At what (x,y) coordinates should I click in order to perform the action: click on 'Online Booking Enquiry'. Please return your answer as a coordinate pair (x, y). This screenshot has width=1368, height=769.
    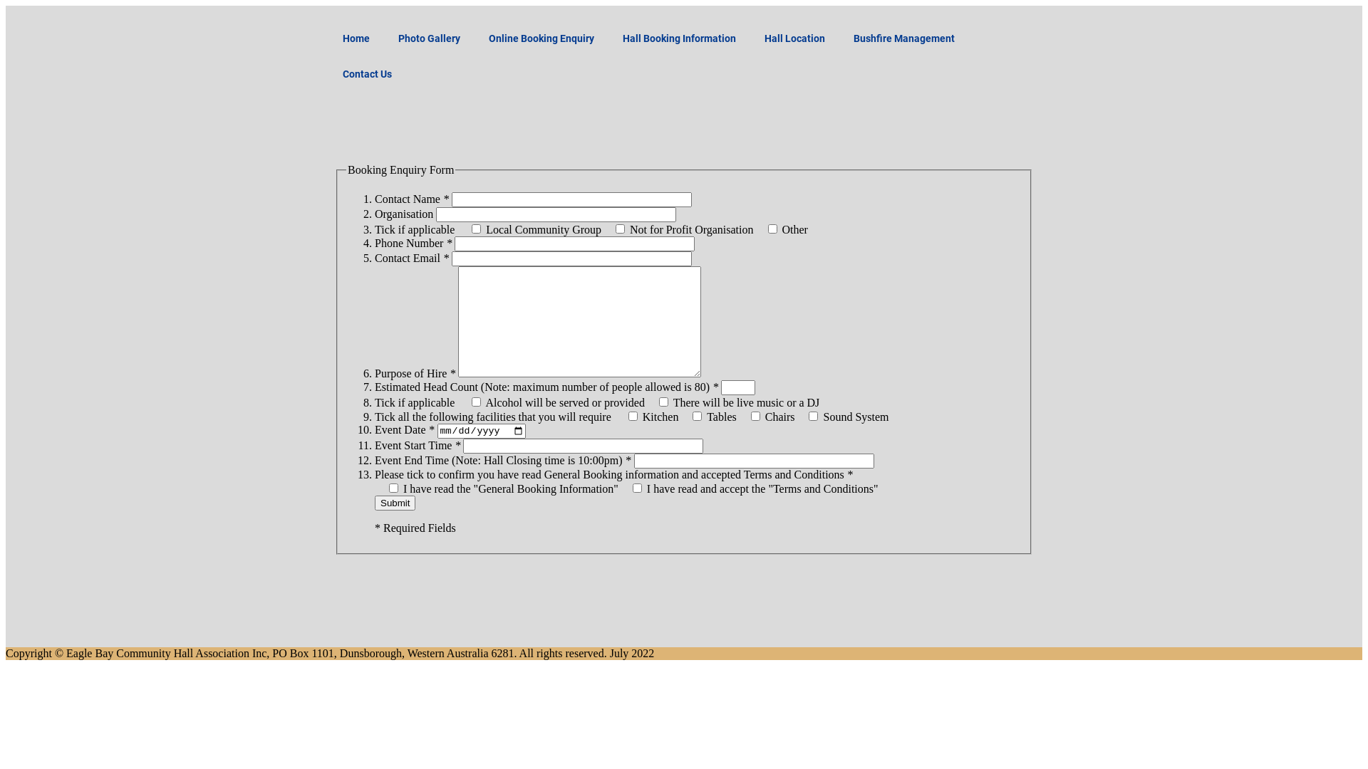
    Looking at the image, I should click on (540, 38).